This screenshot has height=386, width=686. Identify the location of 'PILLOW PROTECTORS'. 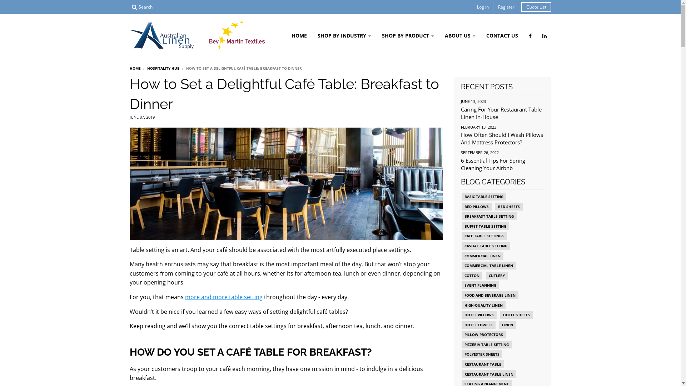
(483, 335).